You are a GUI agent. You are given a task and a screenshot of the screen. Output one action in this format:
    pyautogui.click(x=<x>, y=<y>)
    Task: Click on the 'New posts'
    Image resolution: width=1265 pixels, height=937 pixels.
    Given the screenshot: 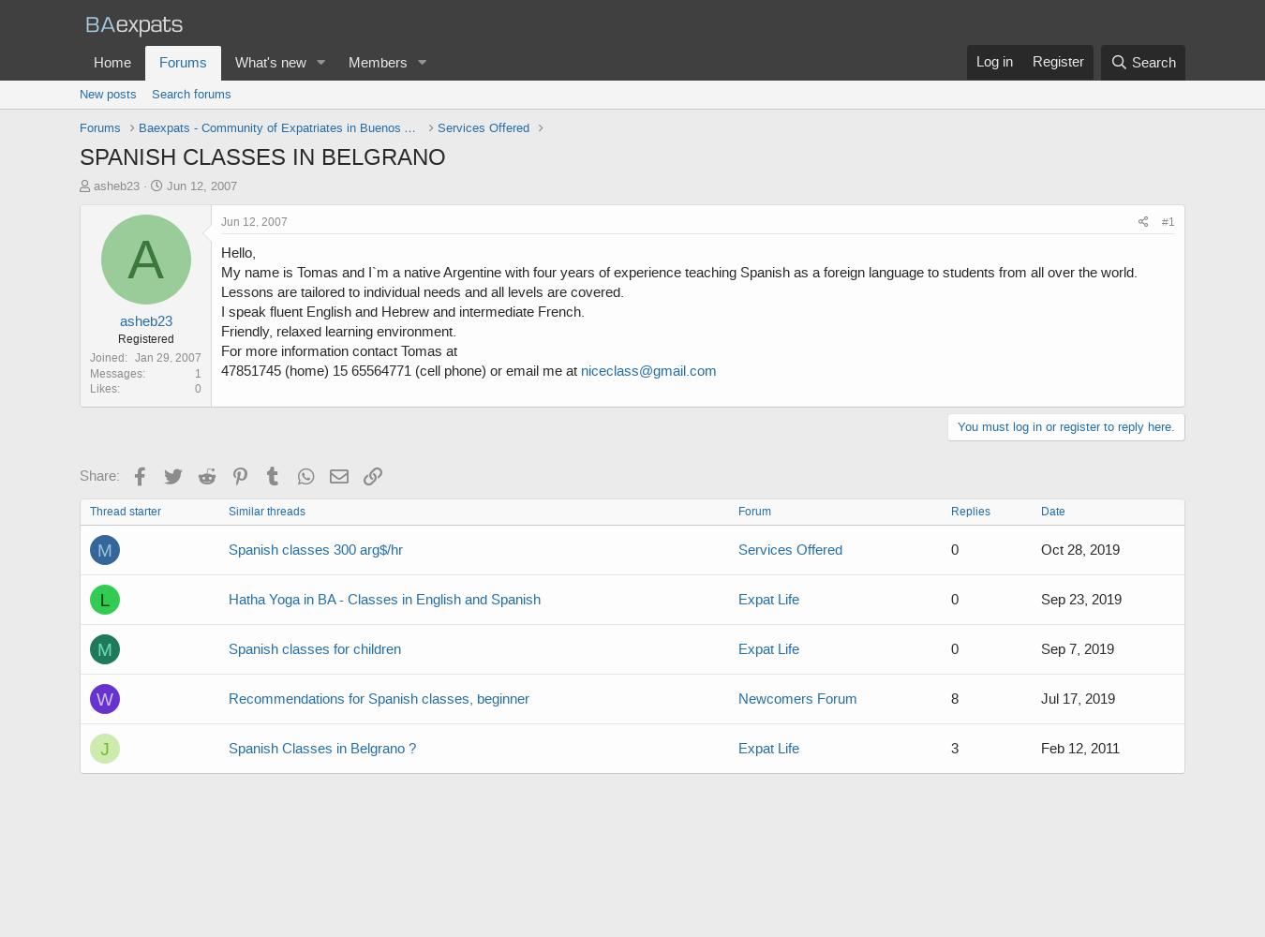 What is the action you would take?
    pyautogui.click(x=108, y=93)
    